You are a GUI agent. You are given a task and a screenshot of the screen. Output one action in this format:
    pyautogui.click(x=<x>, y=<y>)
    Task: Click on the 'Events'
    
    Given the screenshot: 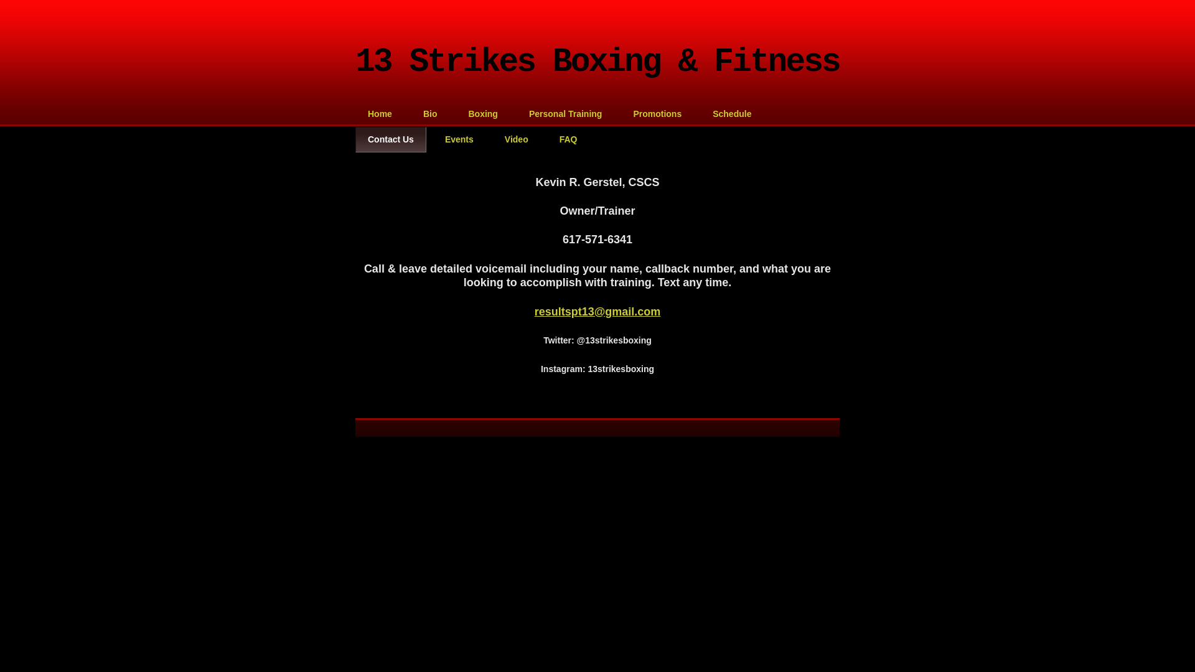 What is the action you would take?
    pyautogui.click(x=459, y=139)
    